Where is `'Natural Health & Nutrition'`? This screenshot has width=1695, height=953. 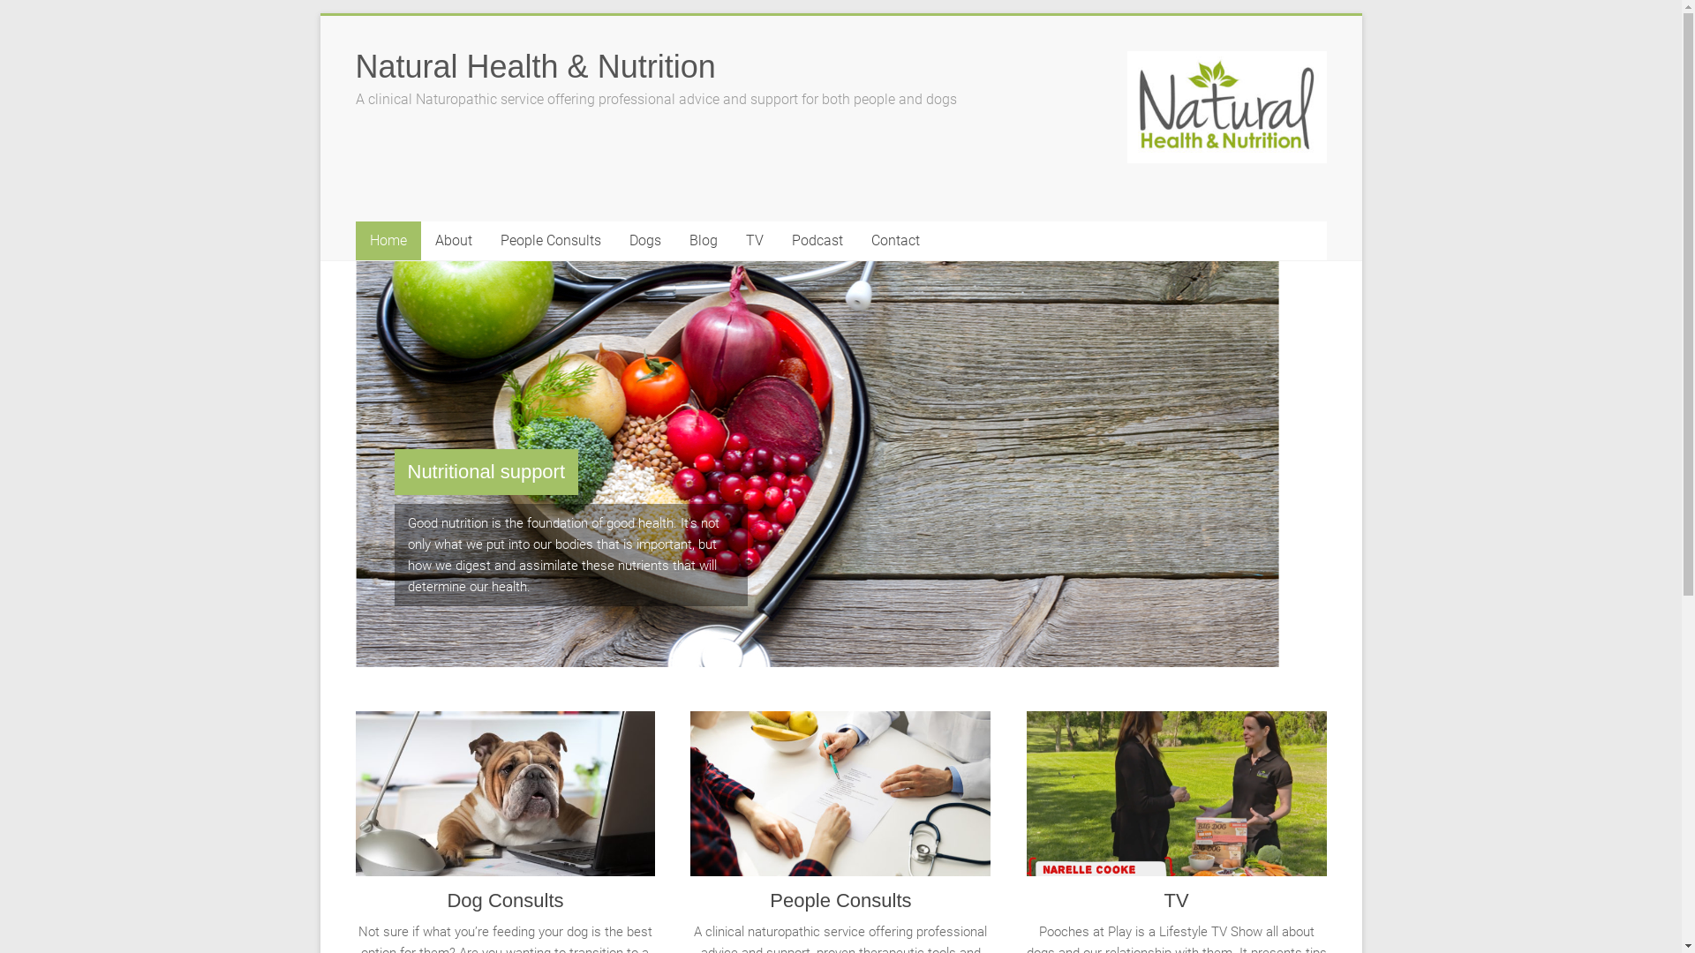 'Natural Health & Nutrition' is located at coordinates (533, 65).